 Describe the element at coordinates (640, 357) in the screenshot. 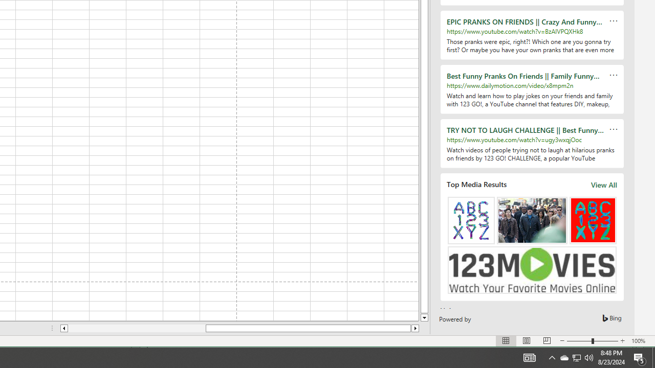

I see `'Action Center, 5 new notifications'` at that location.